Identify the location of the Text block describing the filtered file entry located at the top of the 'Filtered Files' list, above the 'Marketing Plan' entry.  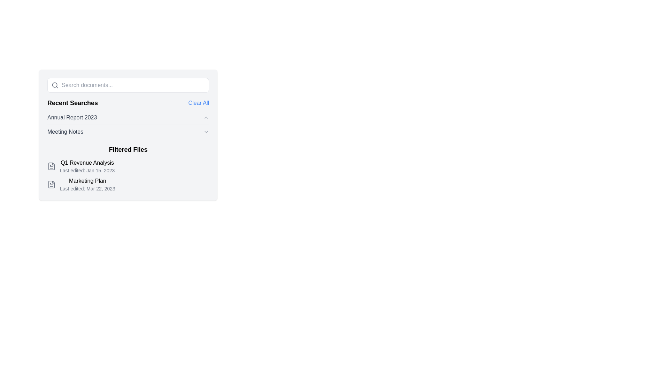
(87, 166).